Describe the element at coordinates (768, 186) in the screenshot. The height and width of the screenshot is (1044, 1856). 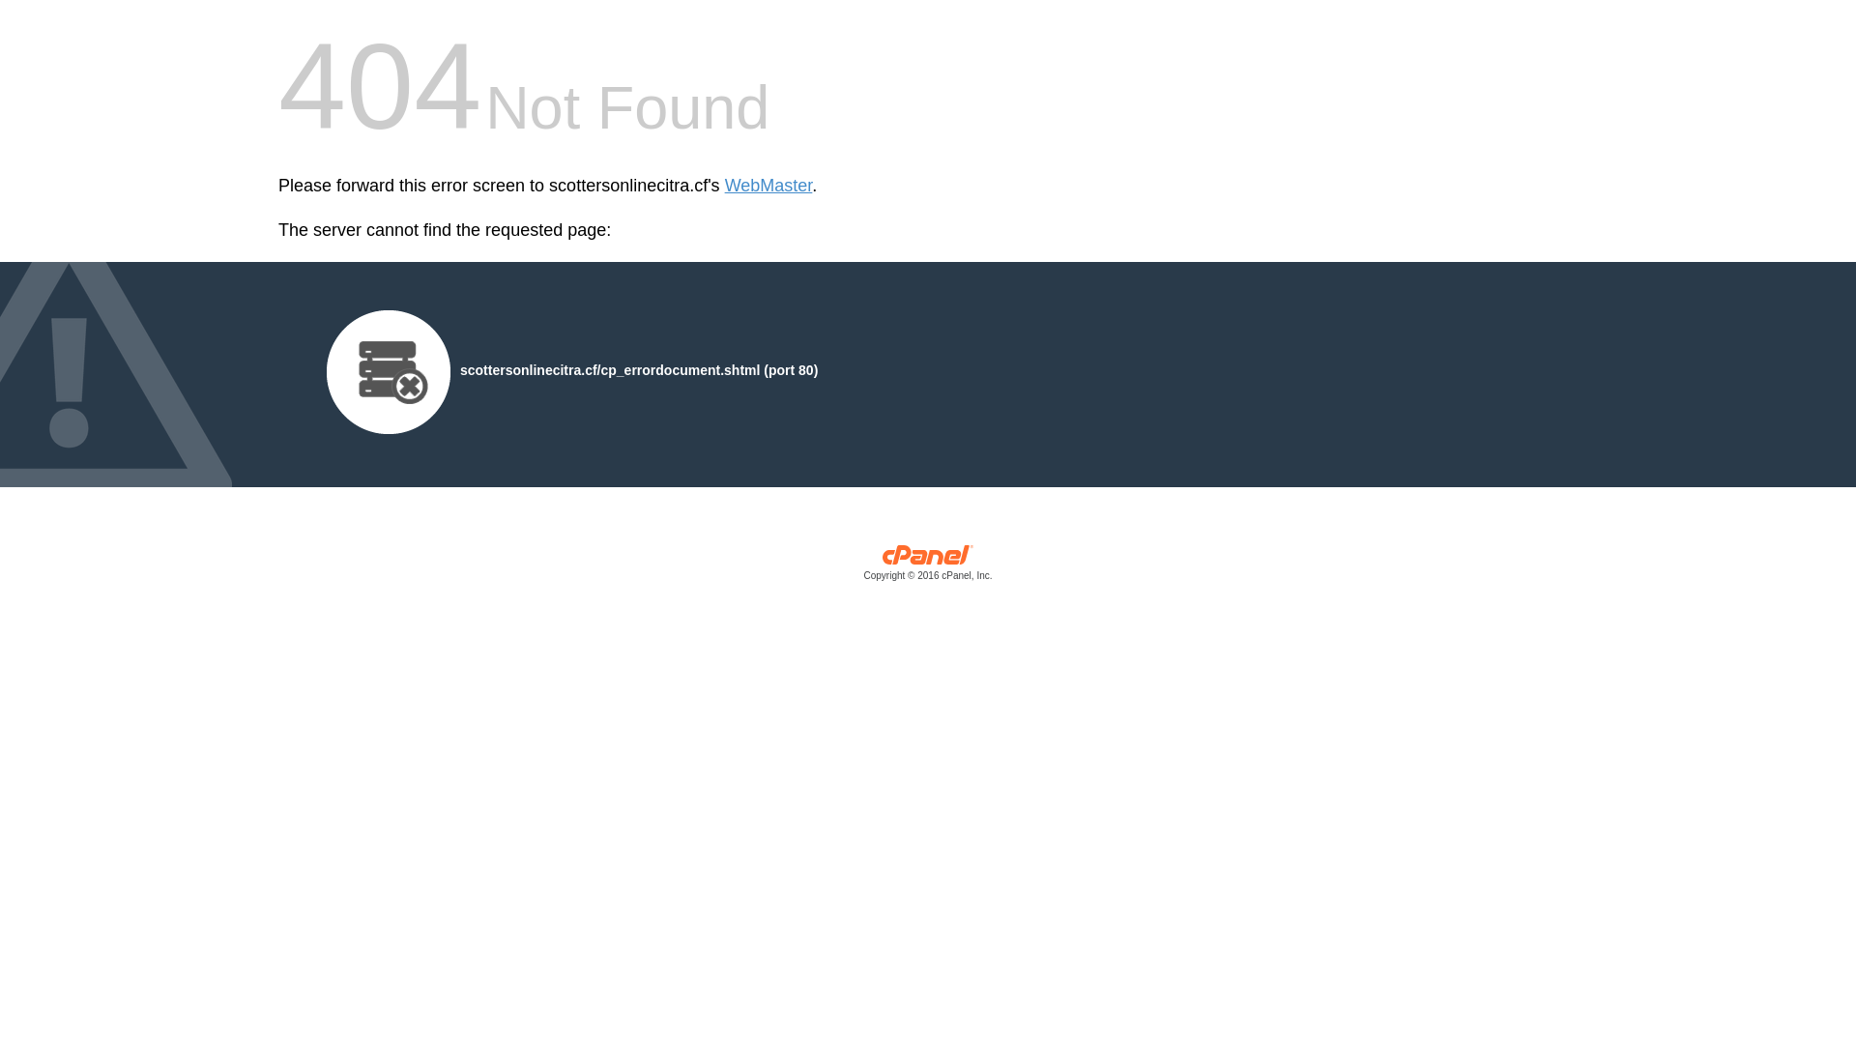
I see `'WebMaster'` at that location.